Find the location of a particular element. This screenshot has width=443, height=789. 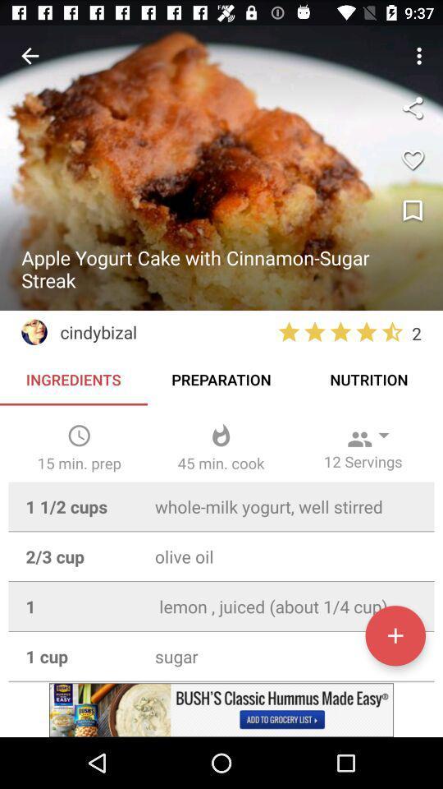

go back is located at coordinates (30, 56).